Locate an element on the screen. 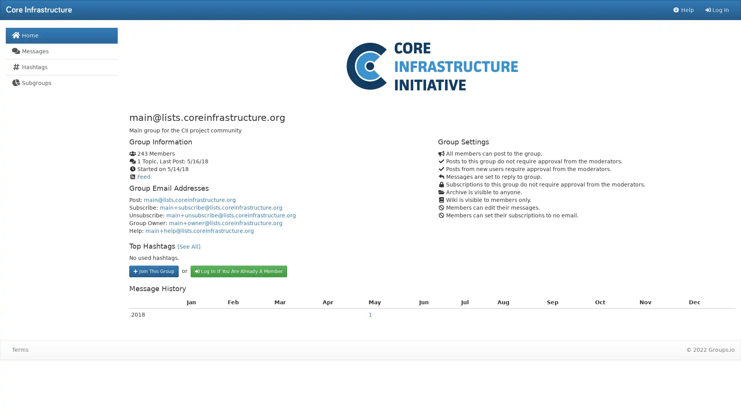 The height and width of the screenshot is (417, 741). Join This Group is located at coordinates (154, 271).